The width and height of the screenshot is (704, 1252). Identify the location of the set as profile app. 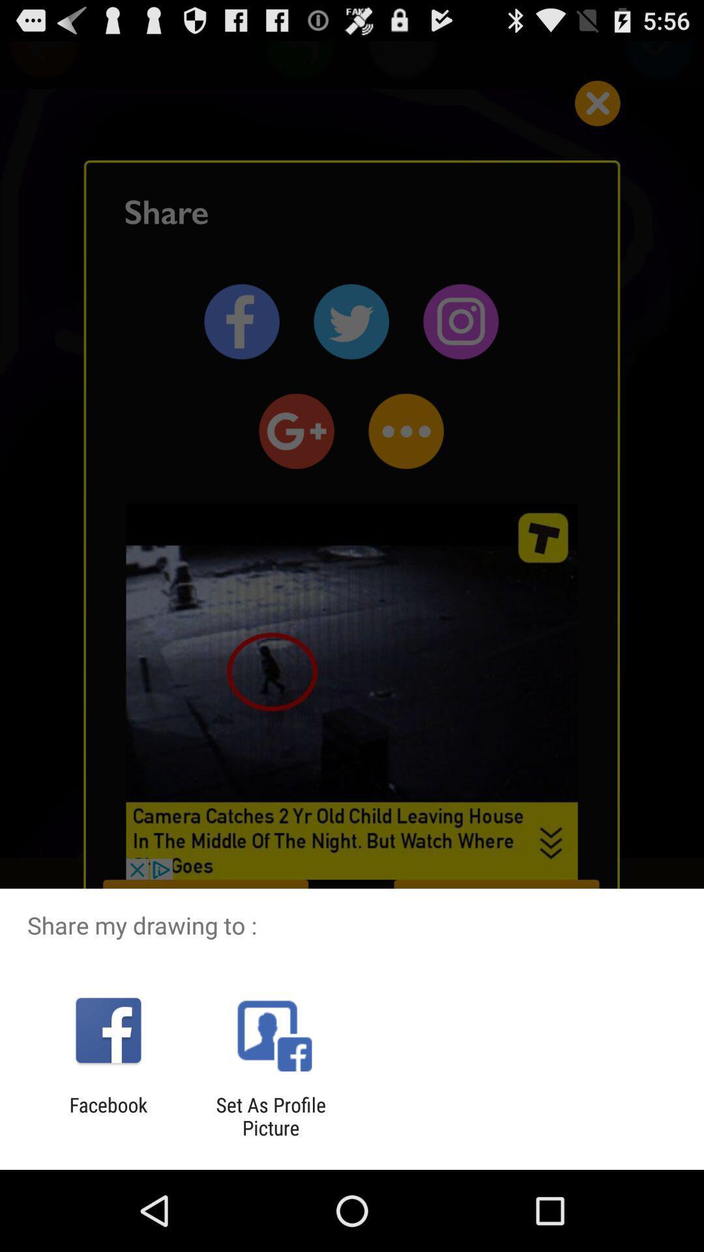
(270, 1116).